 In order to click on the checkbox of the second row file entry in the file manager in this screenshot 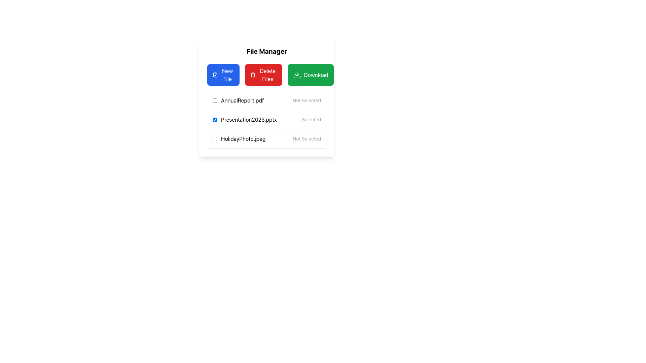, I will do `click(266, 119)`.